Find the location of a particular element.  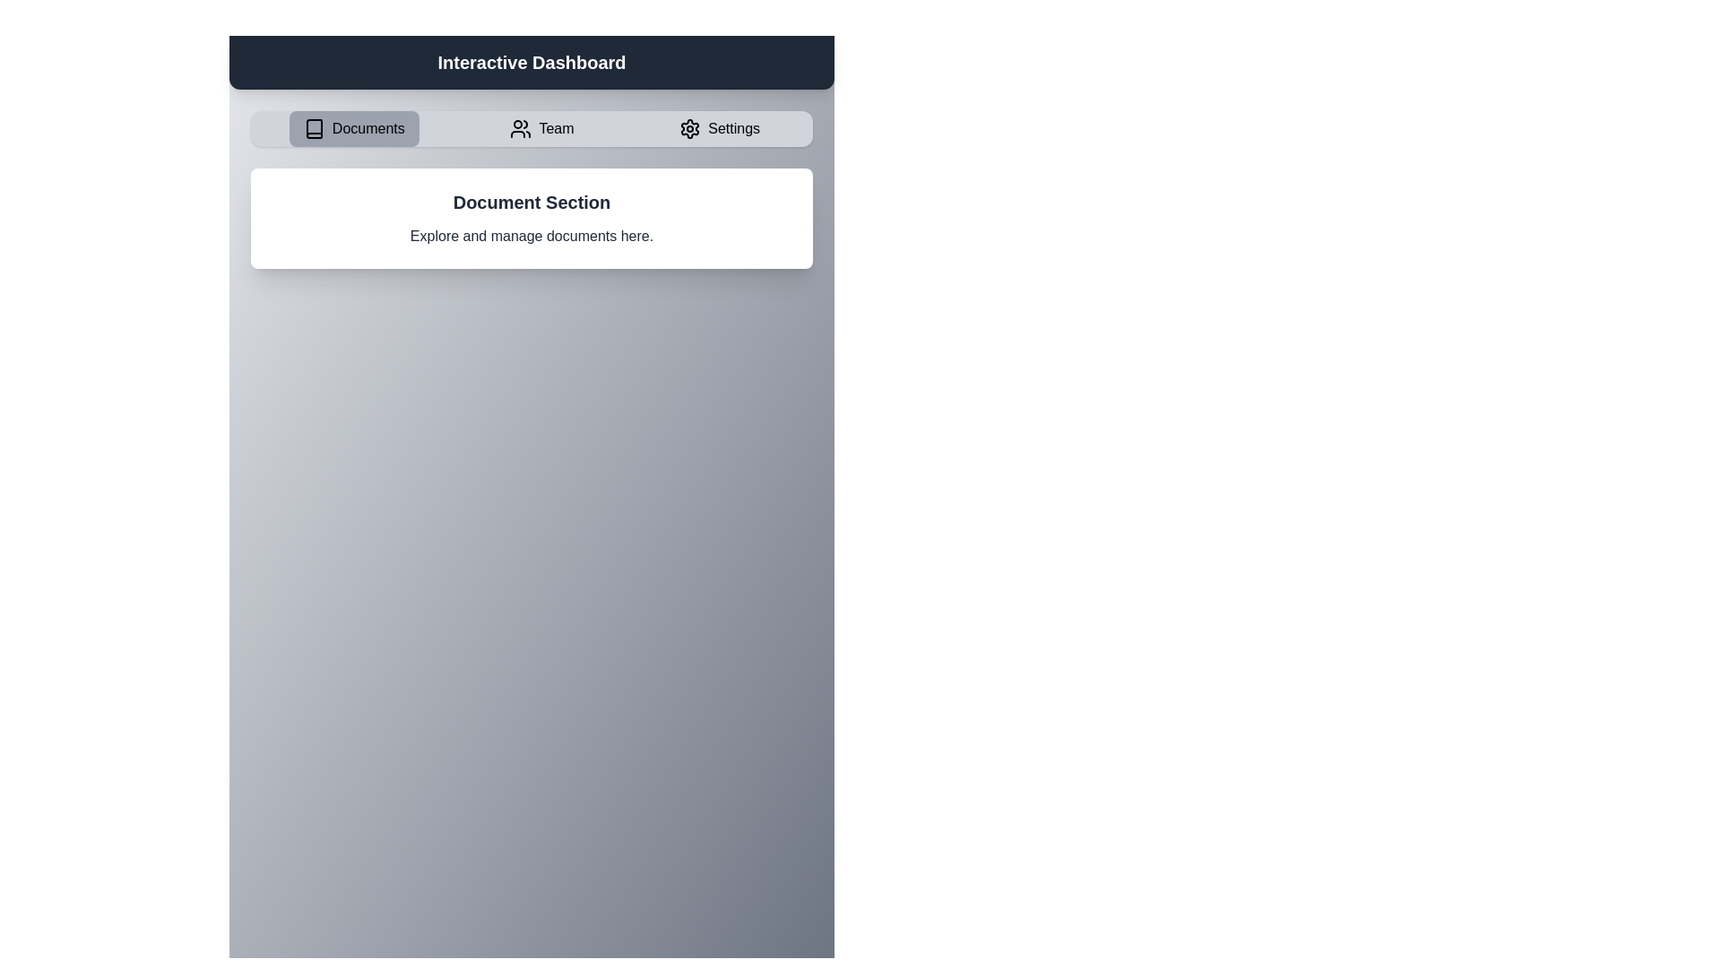

the 'Documents' button located in the navigation bar, which contains a small, minimalistic book icon is located at coordinates (314, 127).